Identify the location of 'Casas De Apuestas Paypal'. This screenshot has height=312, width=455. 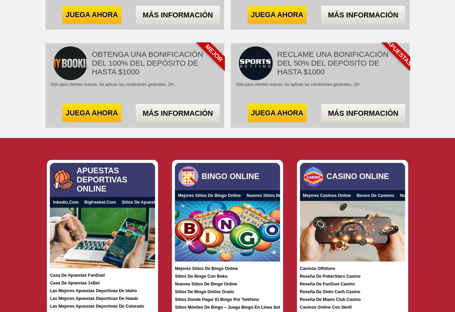
(296, 202).